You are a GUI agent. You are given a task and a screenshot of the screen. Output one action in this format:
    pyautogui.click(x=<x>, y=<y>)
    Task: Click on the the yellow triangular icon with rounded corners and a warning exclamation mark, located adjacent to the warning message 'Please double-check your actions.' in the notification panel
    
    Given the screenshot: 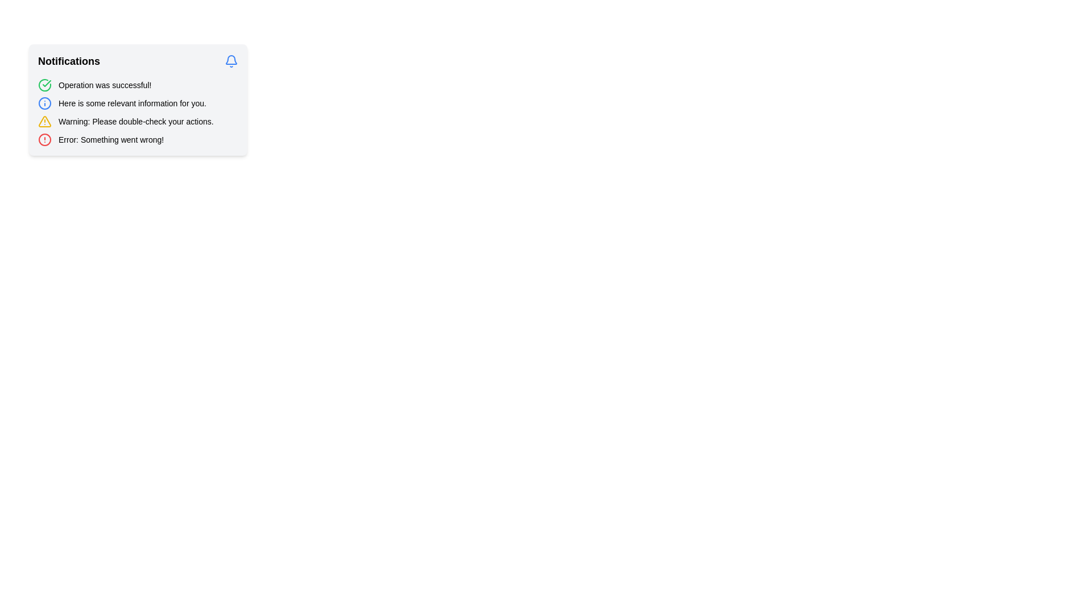 What is the action you would take?
    pyautogui.click(x=44, y=121)
    